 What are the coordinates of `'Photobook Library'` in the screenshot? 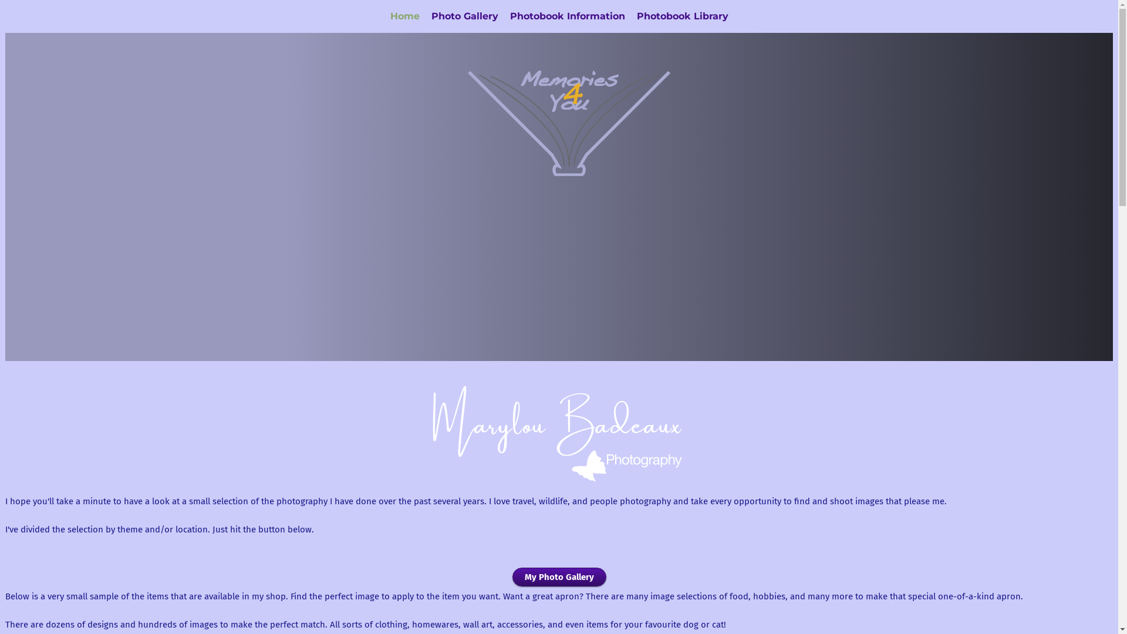 It's located at (681, 16).